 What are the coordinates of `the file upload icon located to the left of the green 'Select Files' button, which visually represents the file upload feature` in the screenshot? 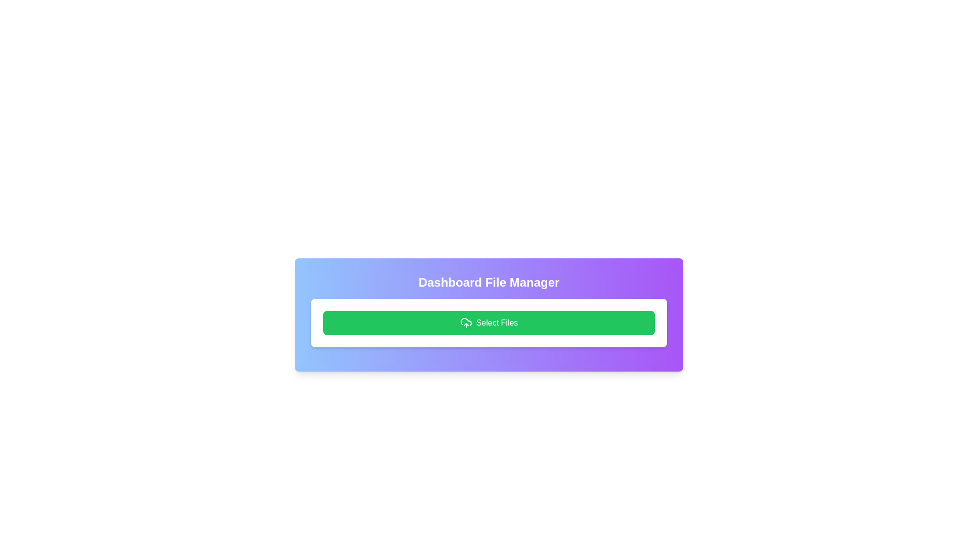 It's located at (465, 323).